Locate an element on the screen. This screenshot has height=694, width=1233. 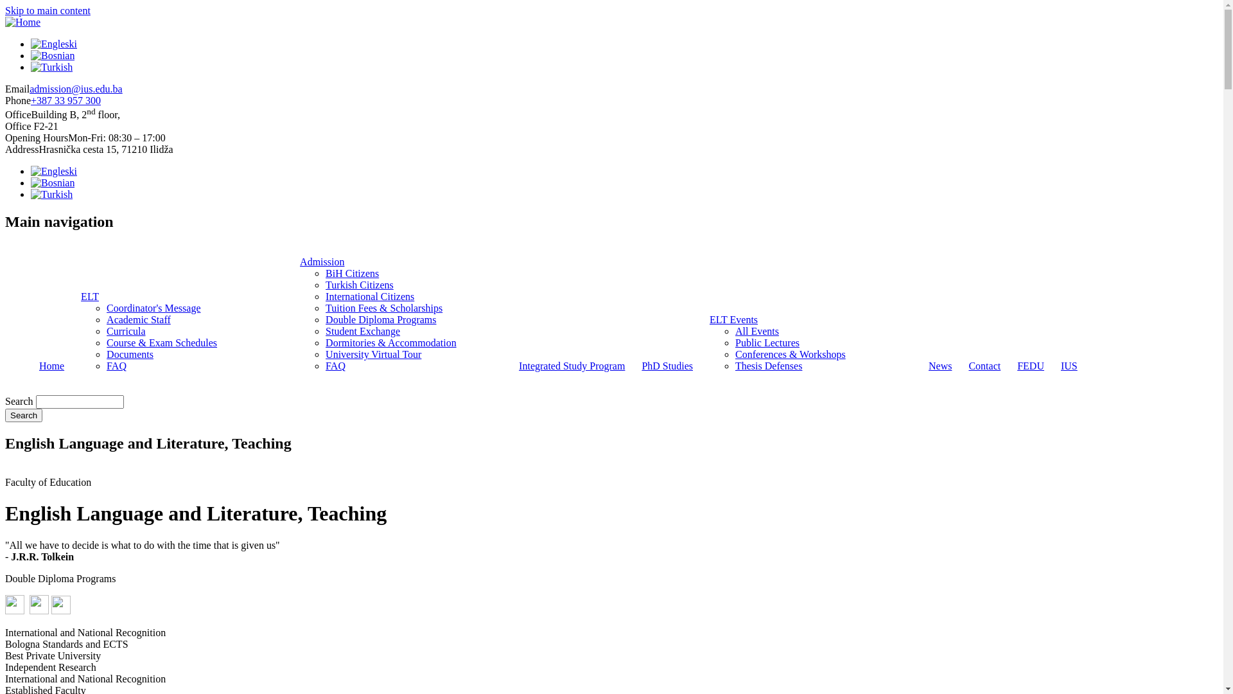
'University Virtual Tour' is located at coordinates (372, 354).